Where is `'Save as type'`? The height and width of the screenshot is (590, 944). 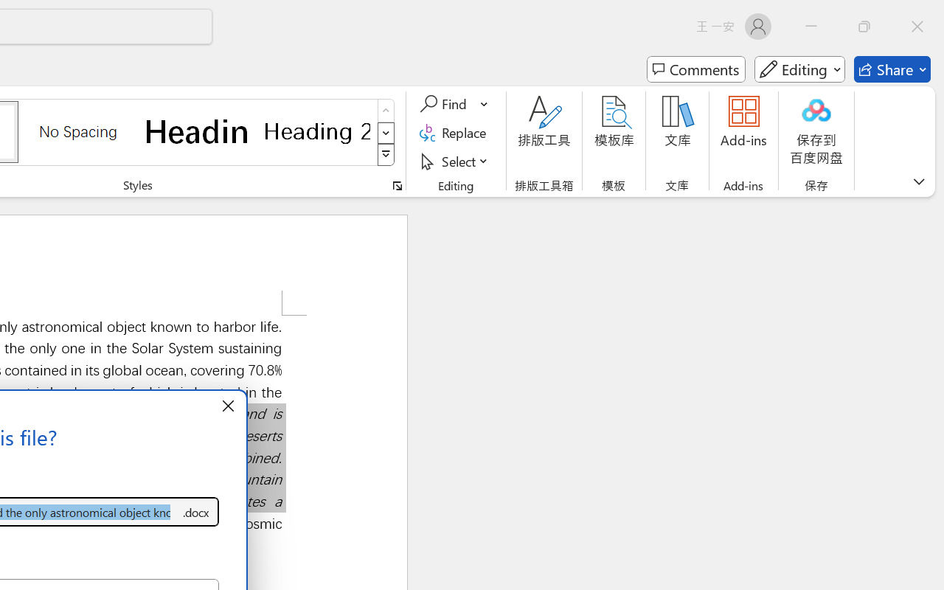 'Save as type' is located at coordinates (195, 512).